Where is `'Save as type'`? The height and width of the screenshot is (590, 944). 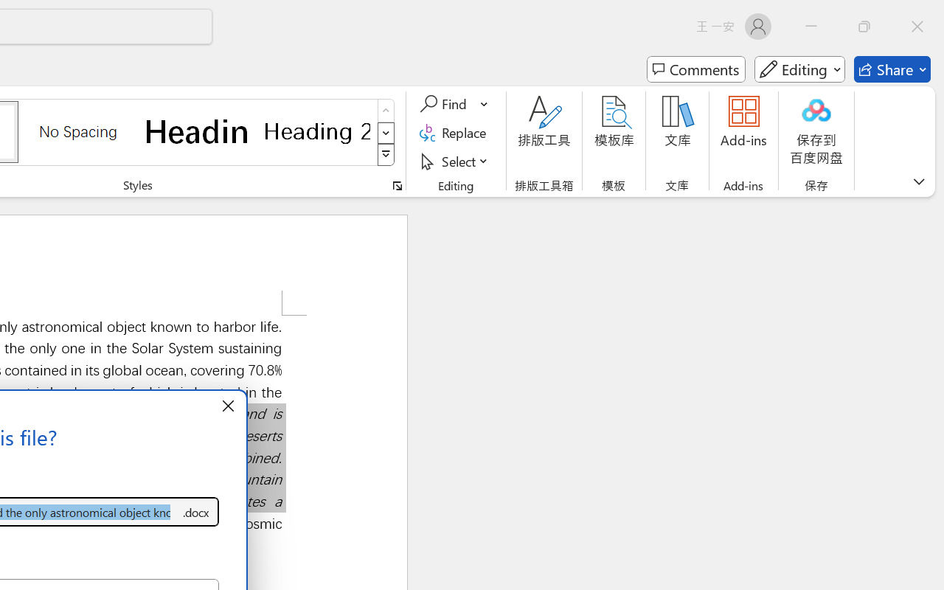 'Save as type' is located at coordinates (195, 512).